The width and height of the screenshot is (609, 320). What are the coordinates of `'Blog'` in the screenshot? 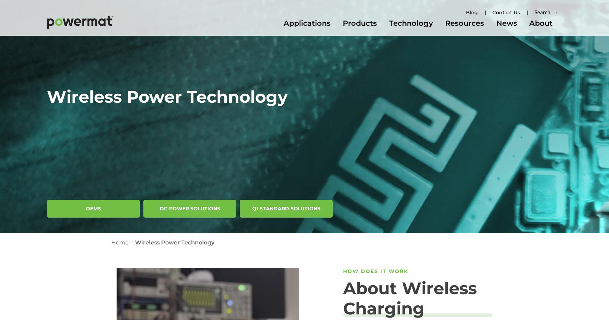 It's located at (466, 13).